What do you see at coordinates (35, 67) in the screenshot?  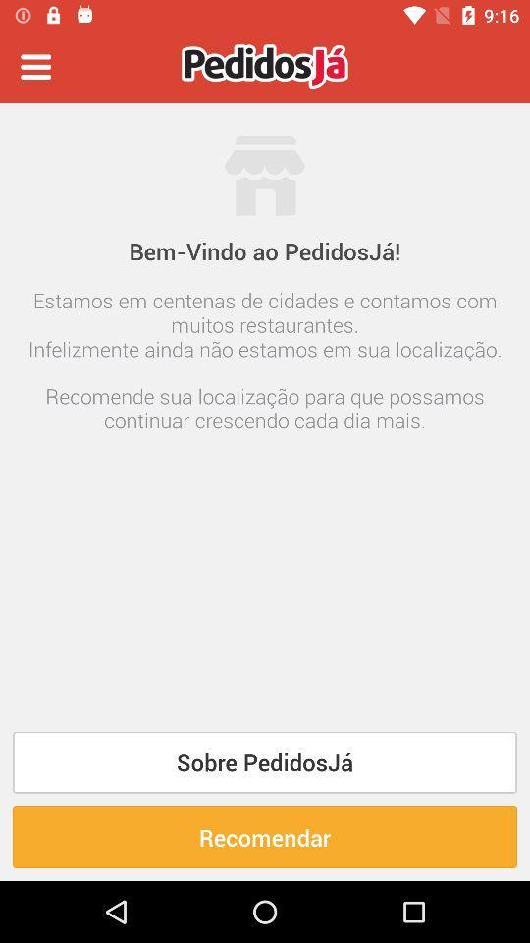 I see `switch menu option` at bounding box center [35, 67].